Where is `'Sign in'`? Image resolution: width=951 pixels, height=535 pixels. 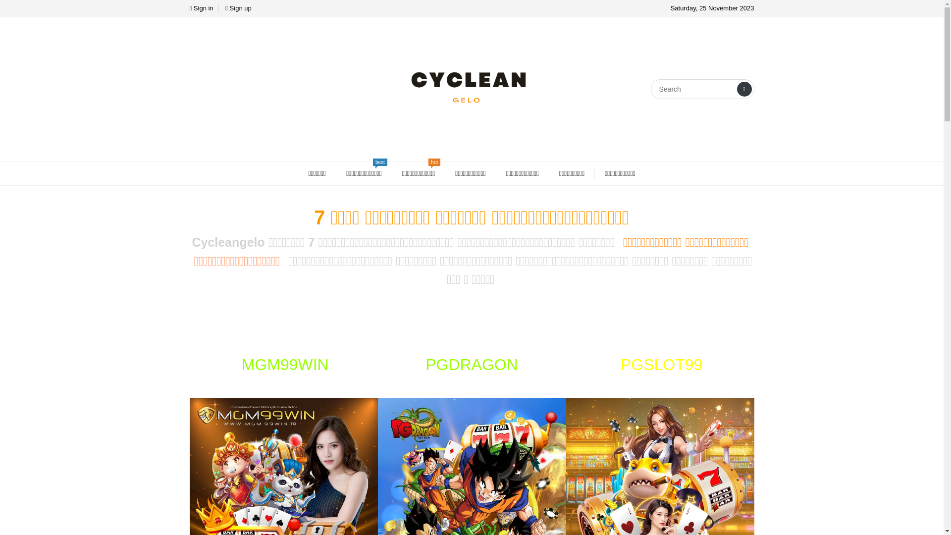 'Sign in' is located at coordinates (201, 8).